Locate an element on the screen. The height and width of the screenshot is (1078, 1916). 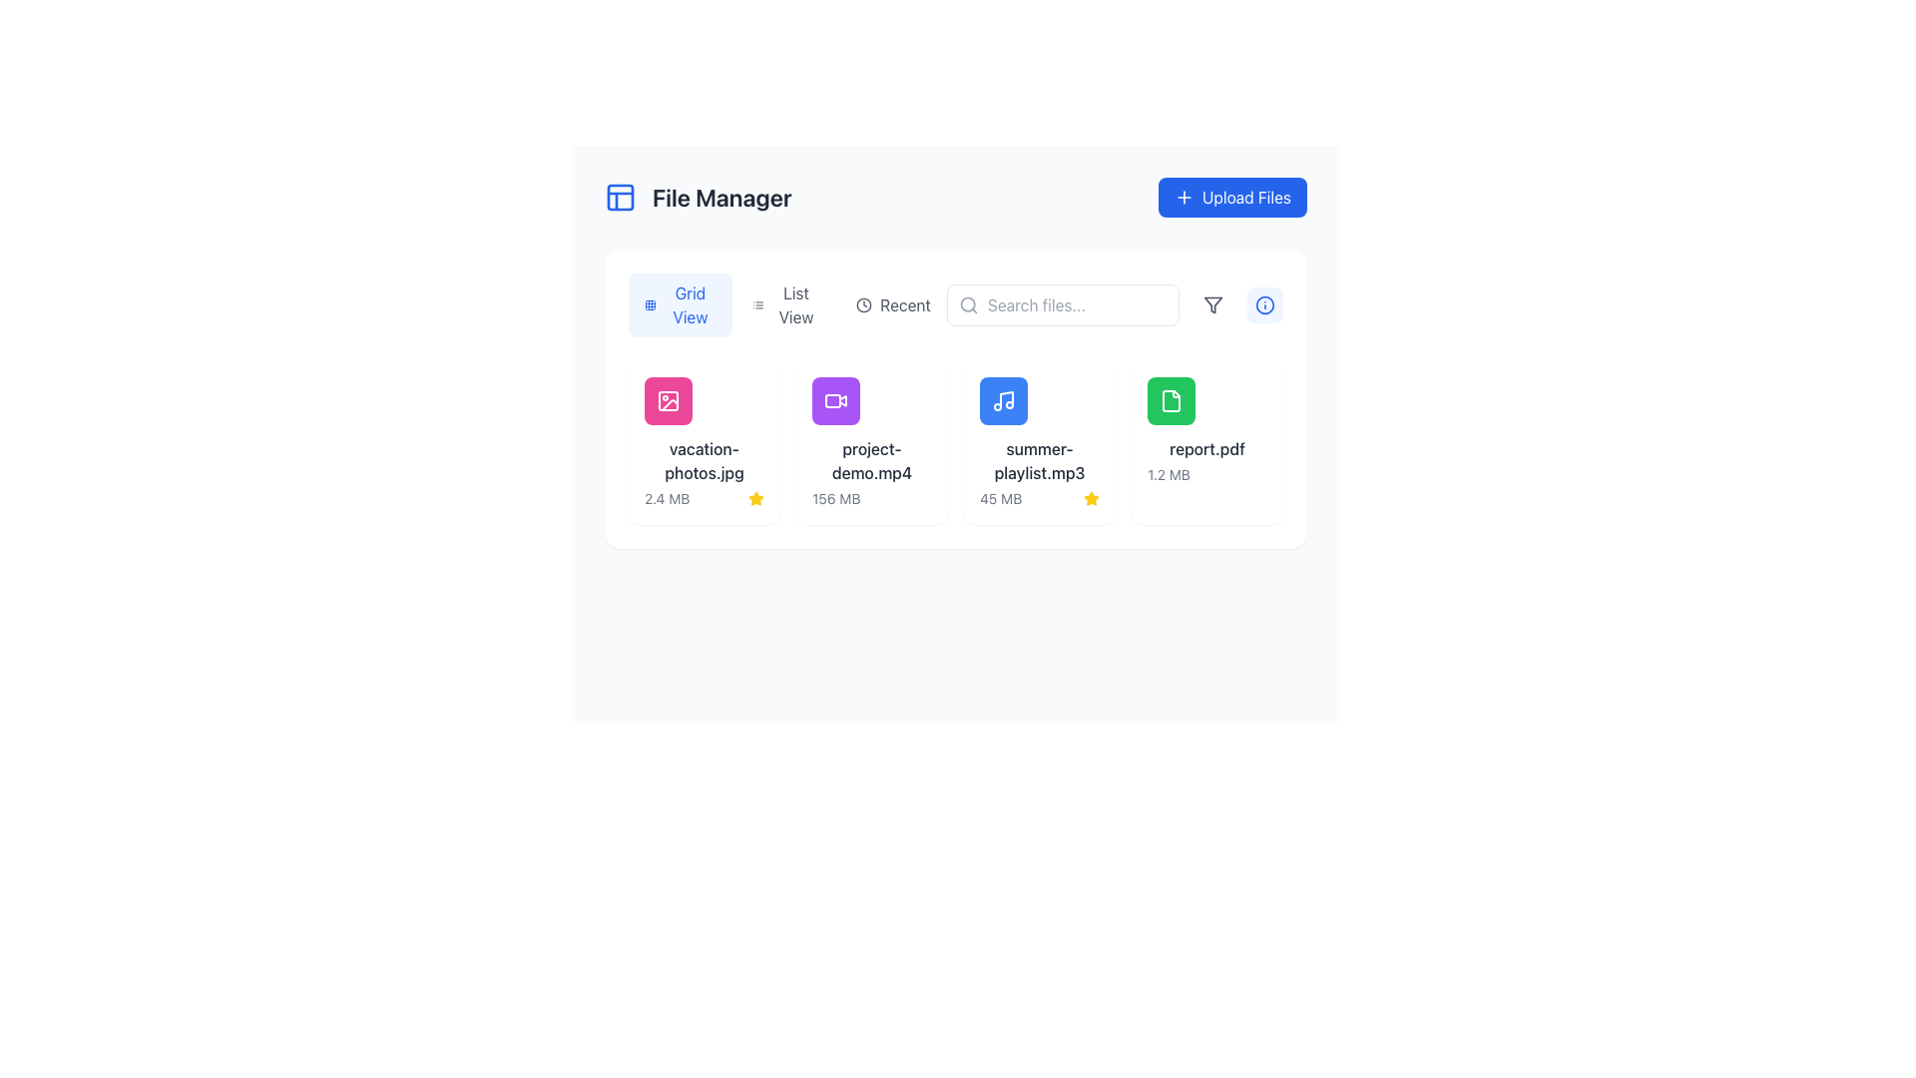
file name displayed in the text label for the audio file 'summer-playlist.mp3', which is centrally located in the grid view of the 'File Manager' interface is located at coordinates (1038, 461).